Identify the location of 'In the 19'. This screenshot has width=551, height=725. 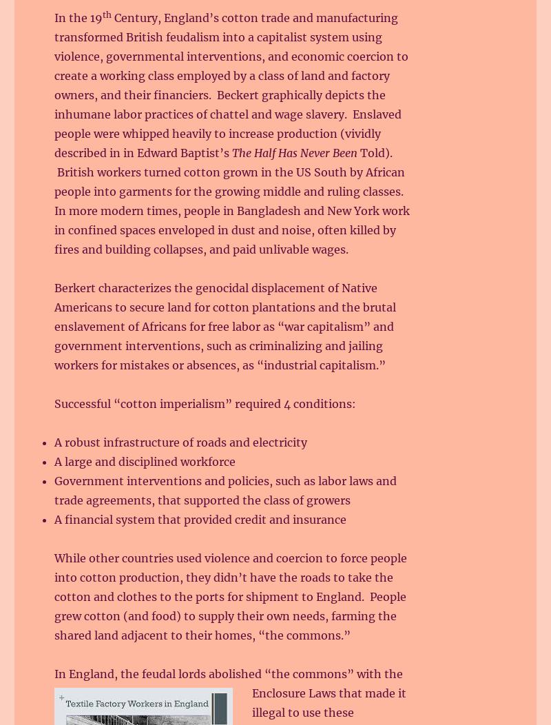
(54, 17).